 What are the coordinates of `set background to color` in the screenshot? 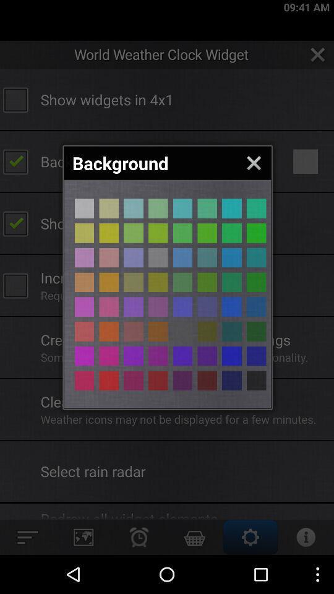 It's located at (207, 356).